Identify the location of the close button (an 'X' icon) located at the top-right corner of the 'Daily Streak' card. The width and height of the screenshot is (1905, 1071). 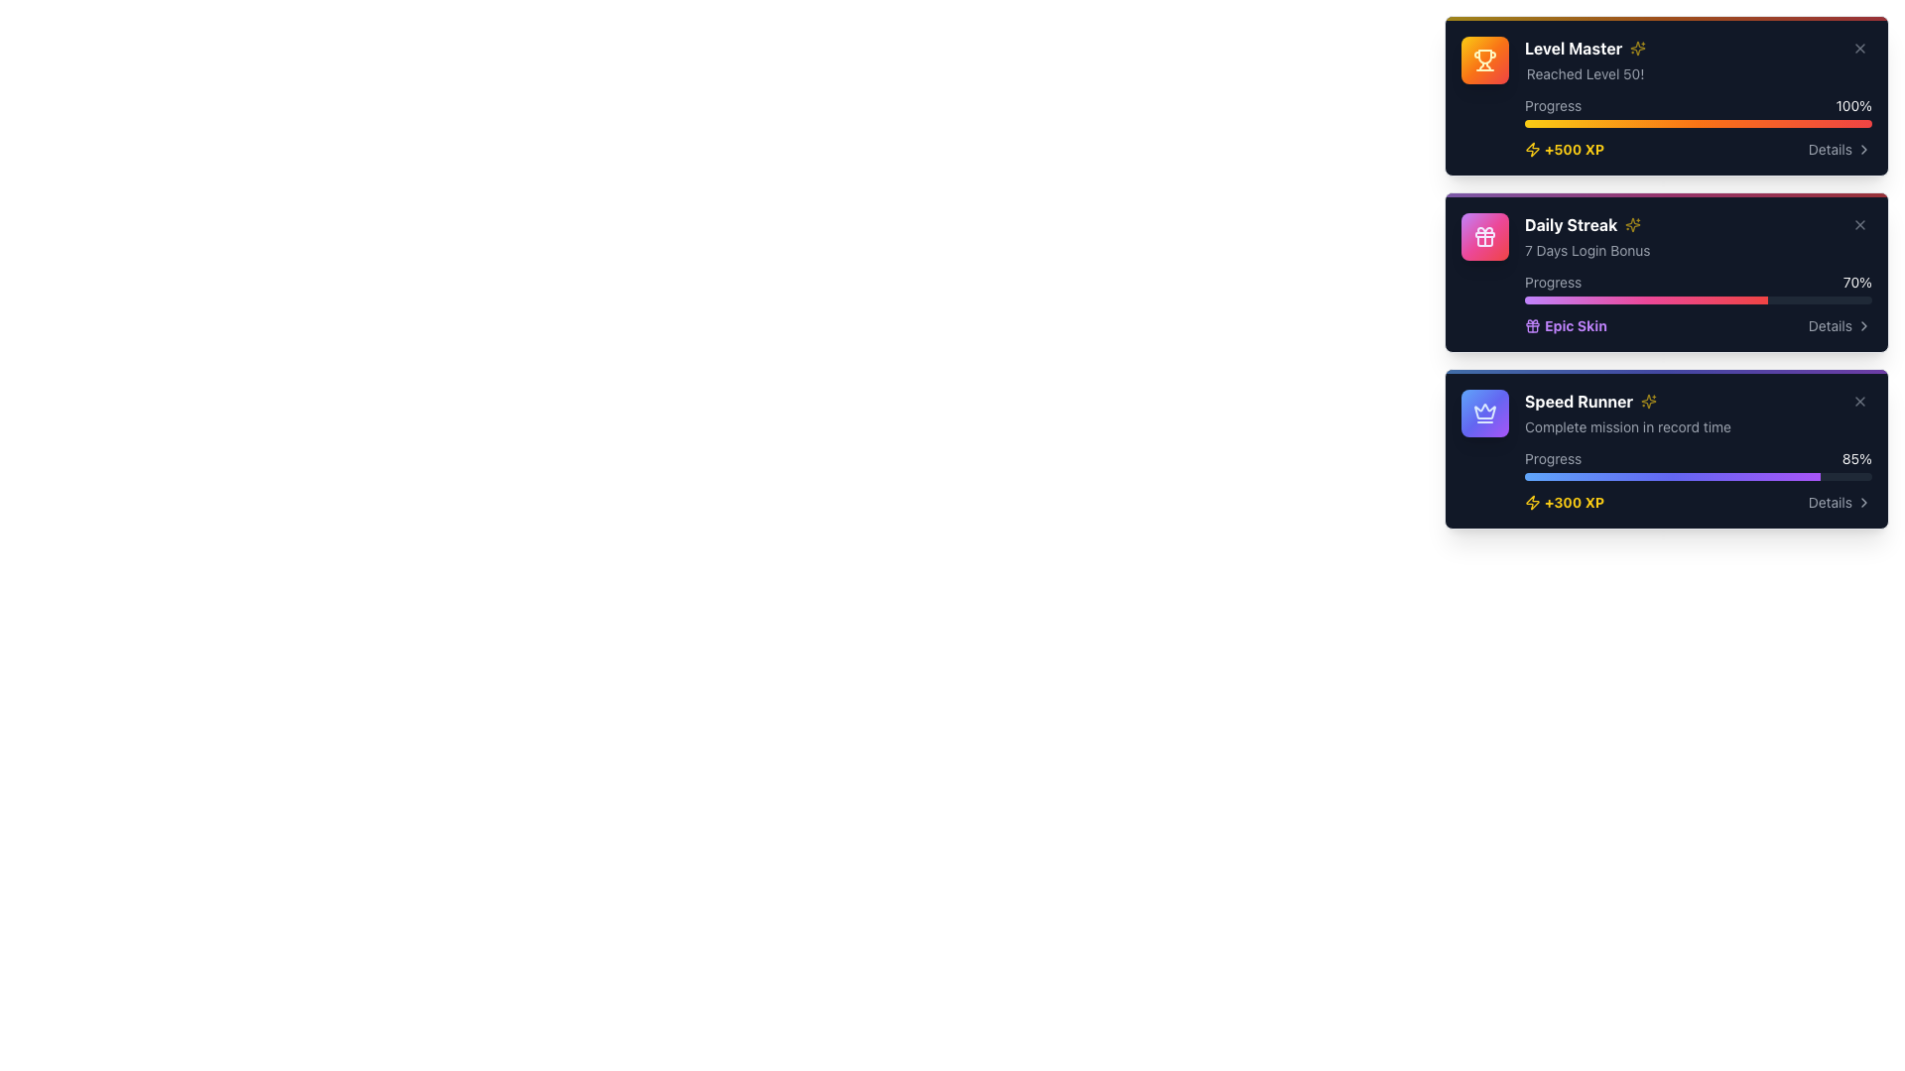
(1859, 224).